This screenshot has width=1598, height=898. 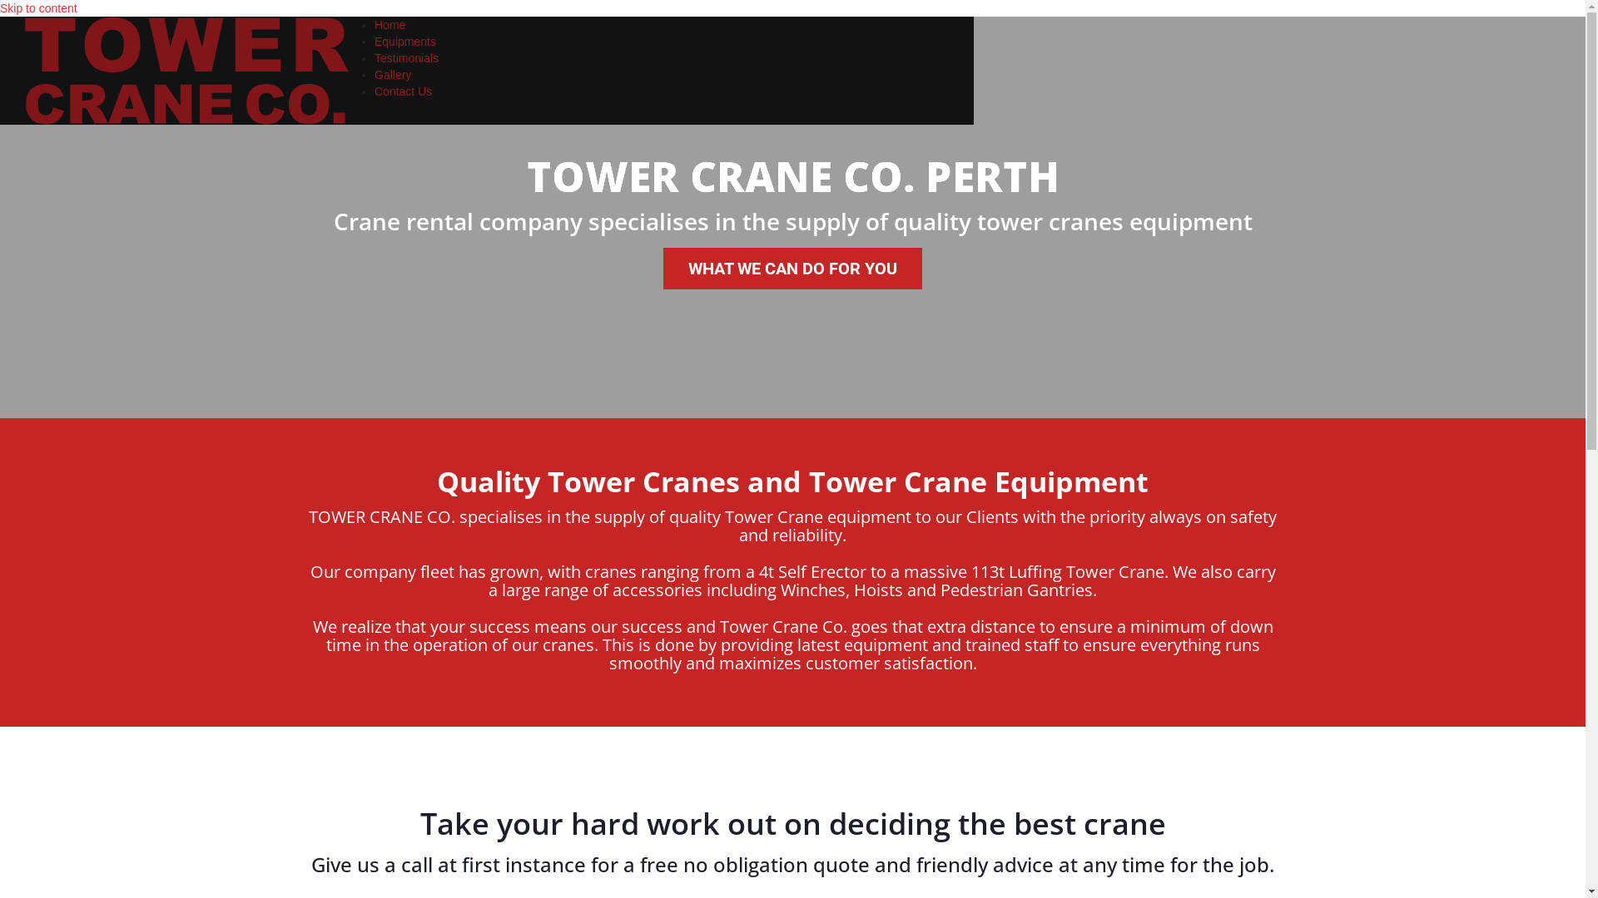 What do you see at coordinates (403, 91) in the screenshot?
I see `'Contact Us'` at bounding box center [403, 91].